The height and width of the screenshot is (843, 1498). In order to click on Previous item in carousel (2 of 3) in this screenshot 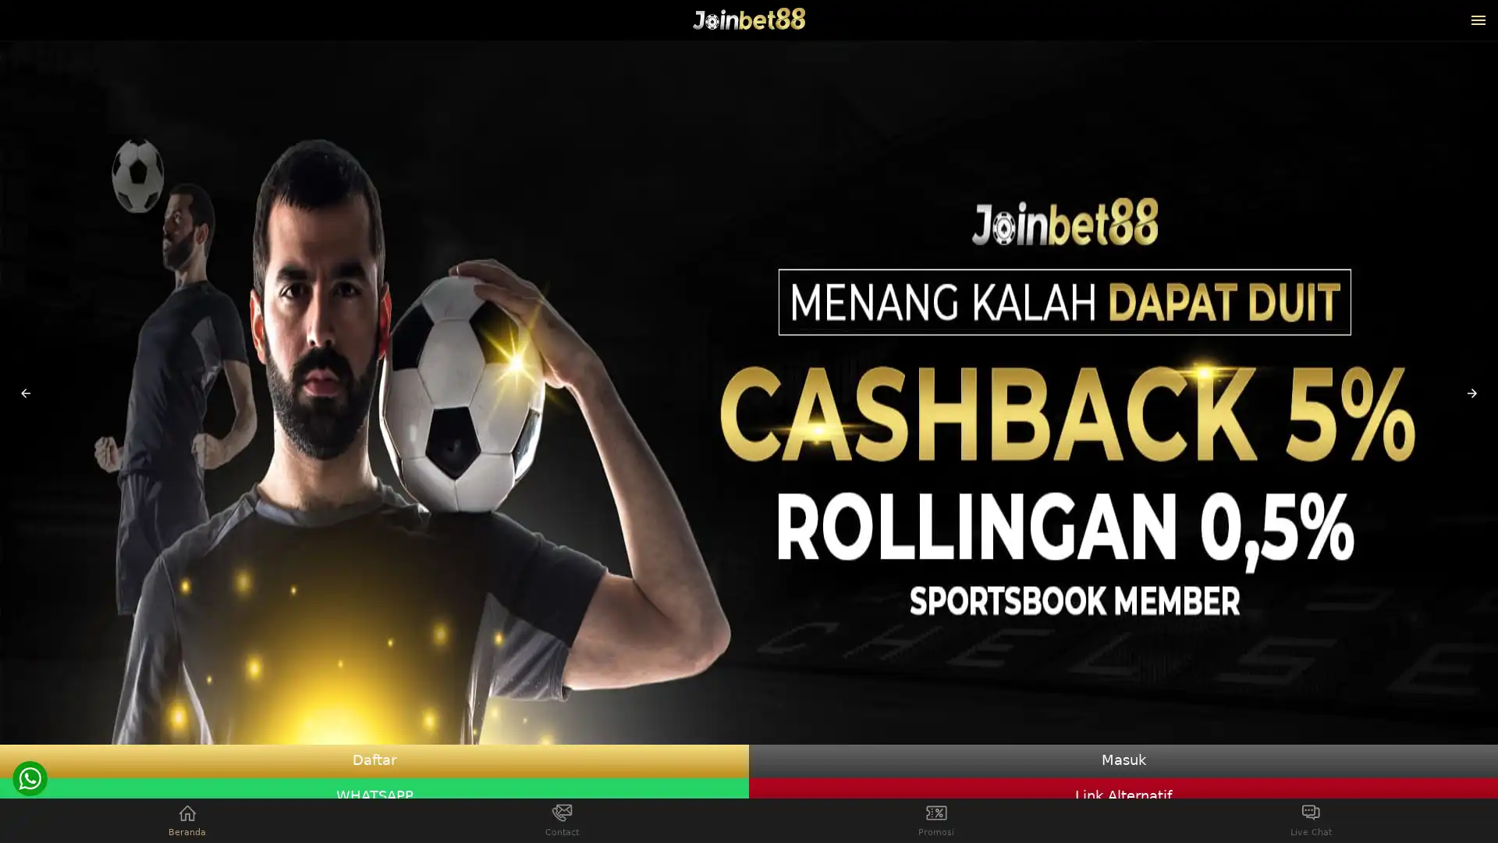, I will do `click(26, 393)`.